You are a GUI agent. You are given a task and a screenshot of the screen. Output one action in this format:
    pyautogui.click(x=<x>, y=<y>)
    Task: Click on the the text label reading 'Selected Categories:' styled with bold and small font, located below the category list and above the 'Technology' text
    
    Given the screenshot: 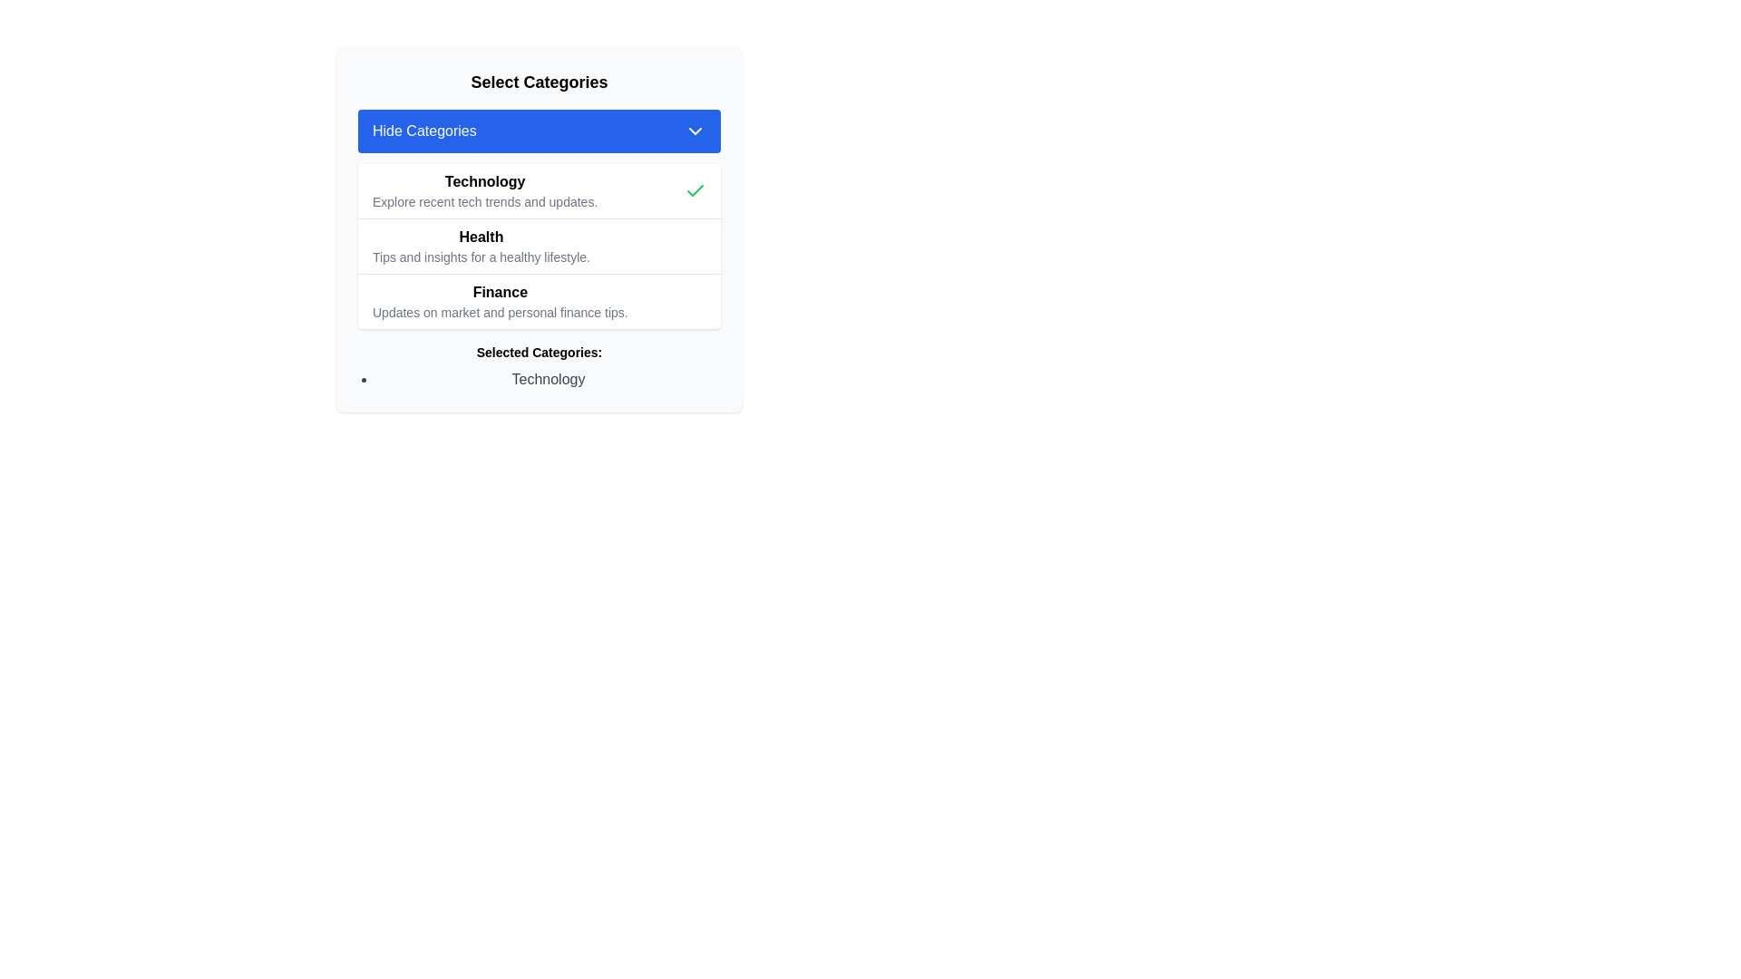 What is the action you would take?
    pyautogui.click(x=539, y=353)
    